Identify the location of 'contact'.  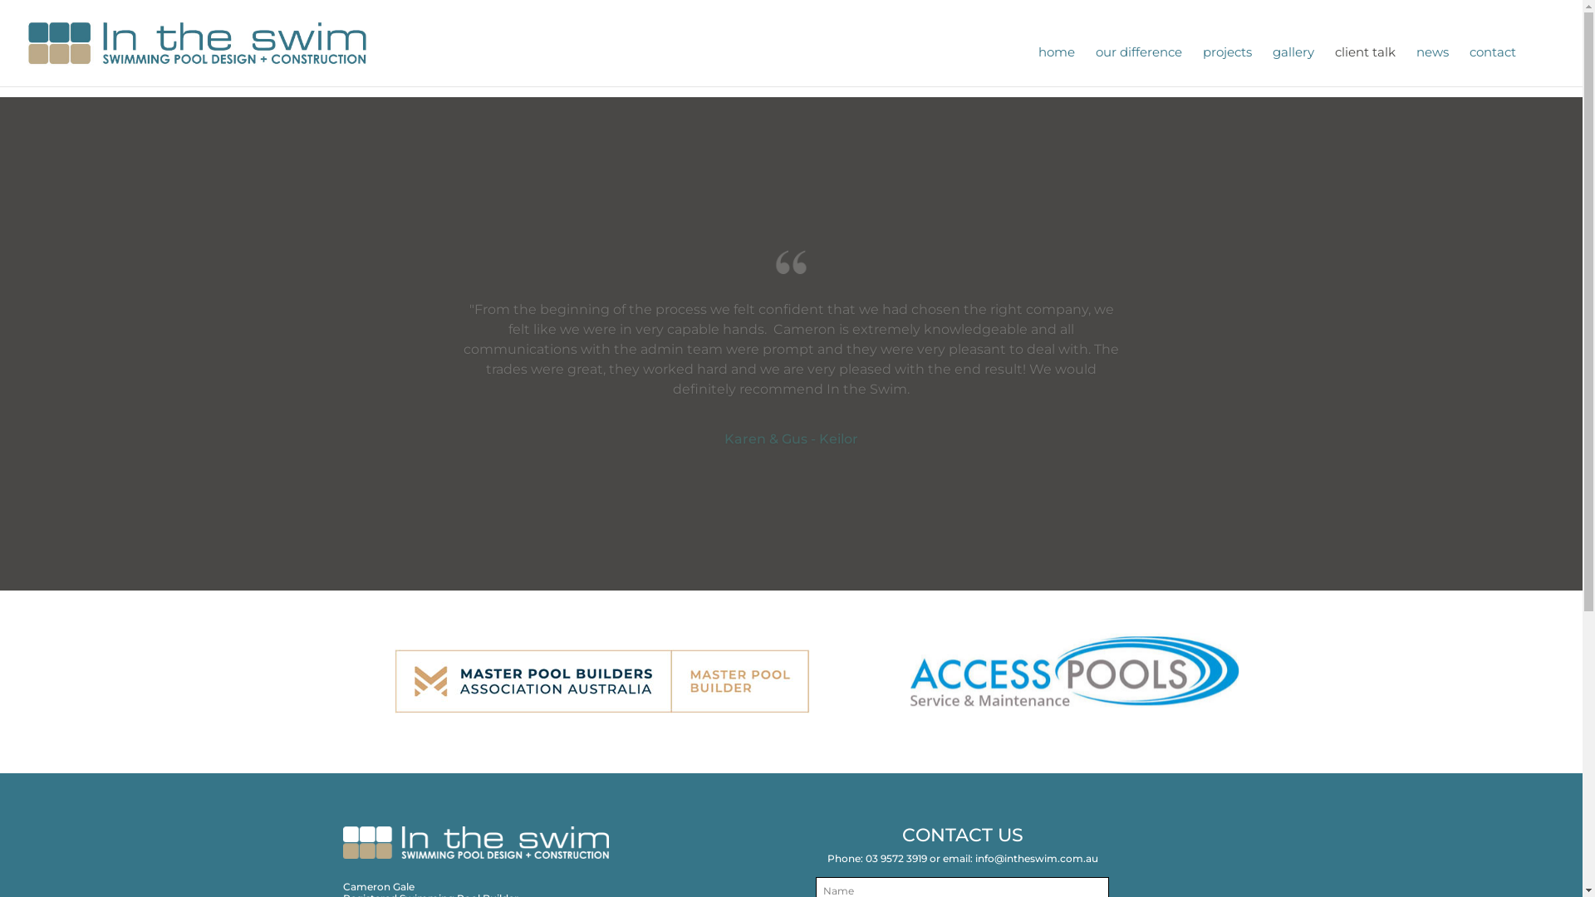
(1492, 66).